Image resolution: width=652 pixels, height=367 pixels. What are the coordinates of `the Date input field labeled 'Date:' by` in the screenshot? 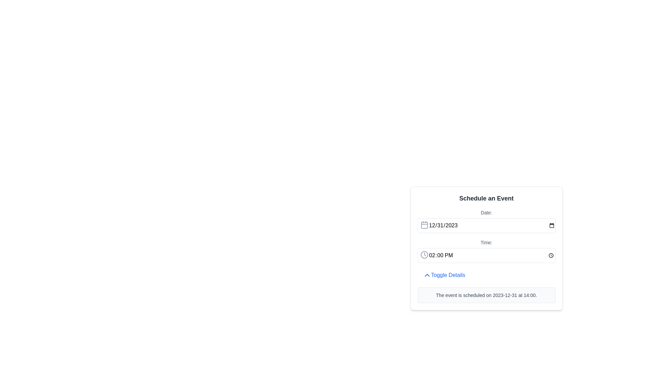 It's located at (486, 221).